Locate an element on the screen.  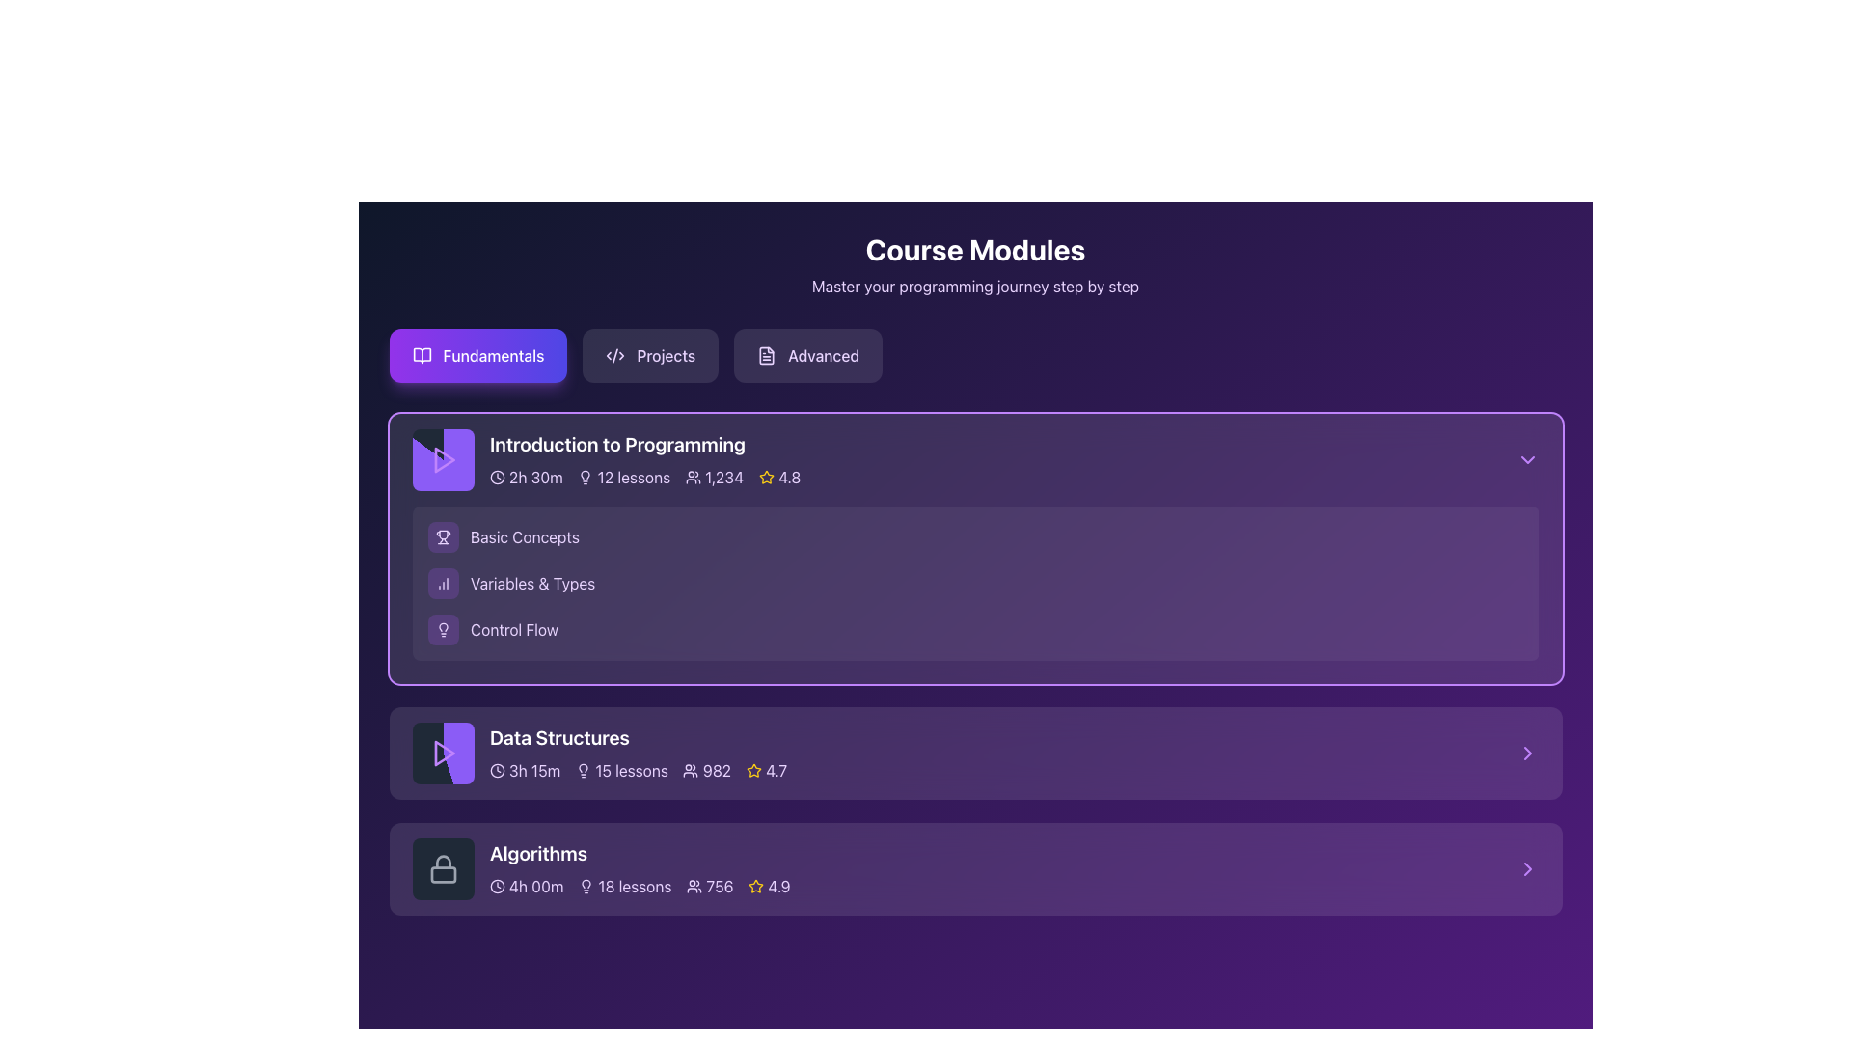
the open book icon located within the 'Fundamentals' button, which is centered horizontally and vertically relative to the button is located at coordinates (421, 356).